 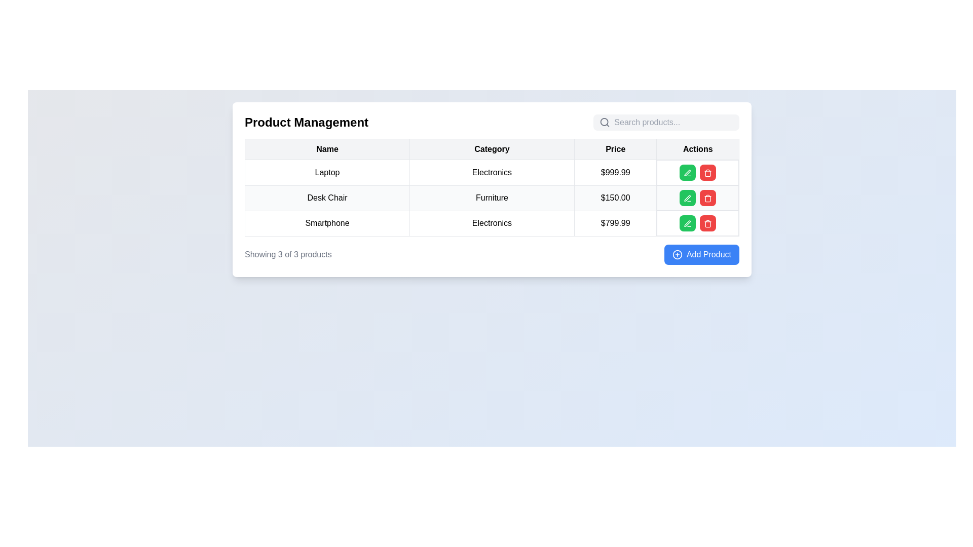 I want to click on text 'Name' from the header cell of the 'Name' column in the data table, located at the top-left area of the table, so click(x=327, y=149).